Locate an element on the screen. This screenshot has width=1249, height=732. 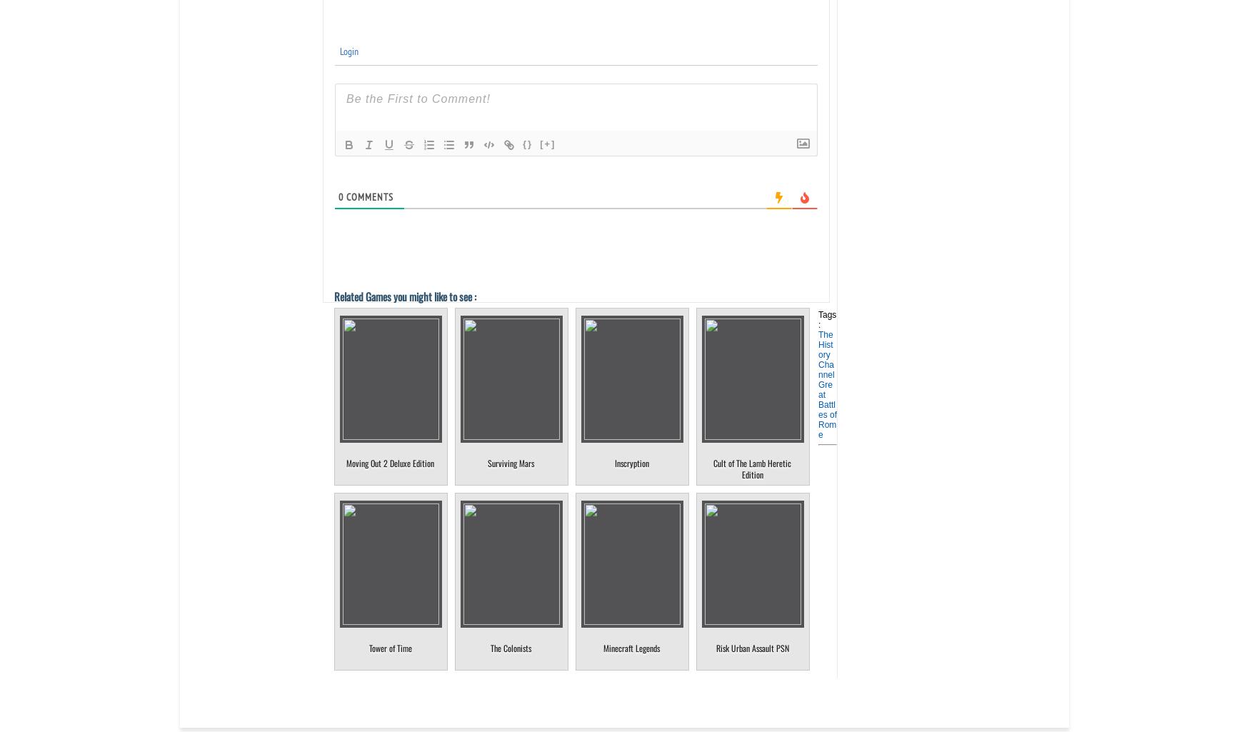
'0' is located at coordinates (341, 196).